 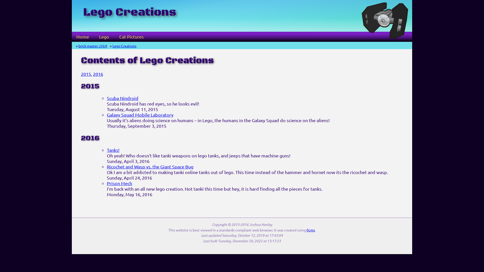 What do you see at coordinates (140, 115) in the screenshot?
I see `'Galaxy Squad Mobile Laboratory'` at bounding box center [140, 115].